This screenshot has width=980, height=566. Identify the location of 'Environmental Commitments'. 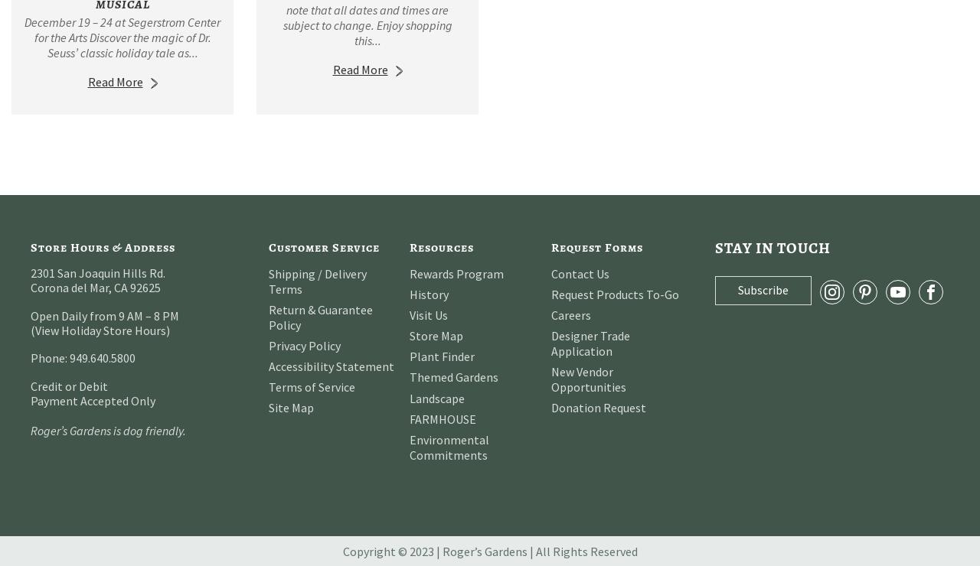
(449, 446).